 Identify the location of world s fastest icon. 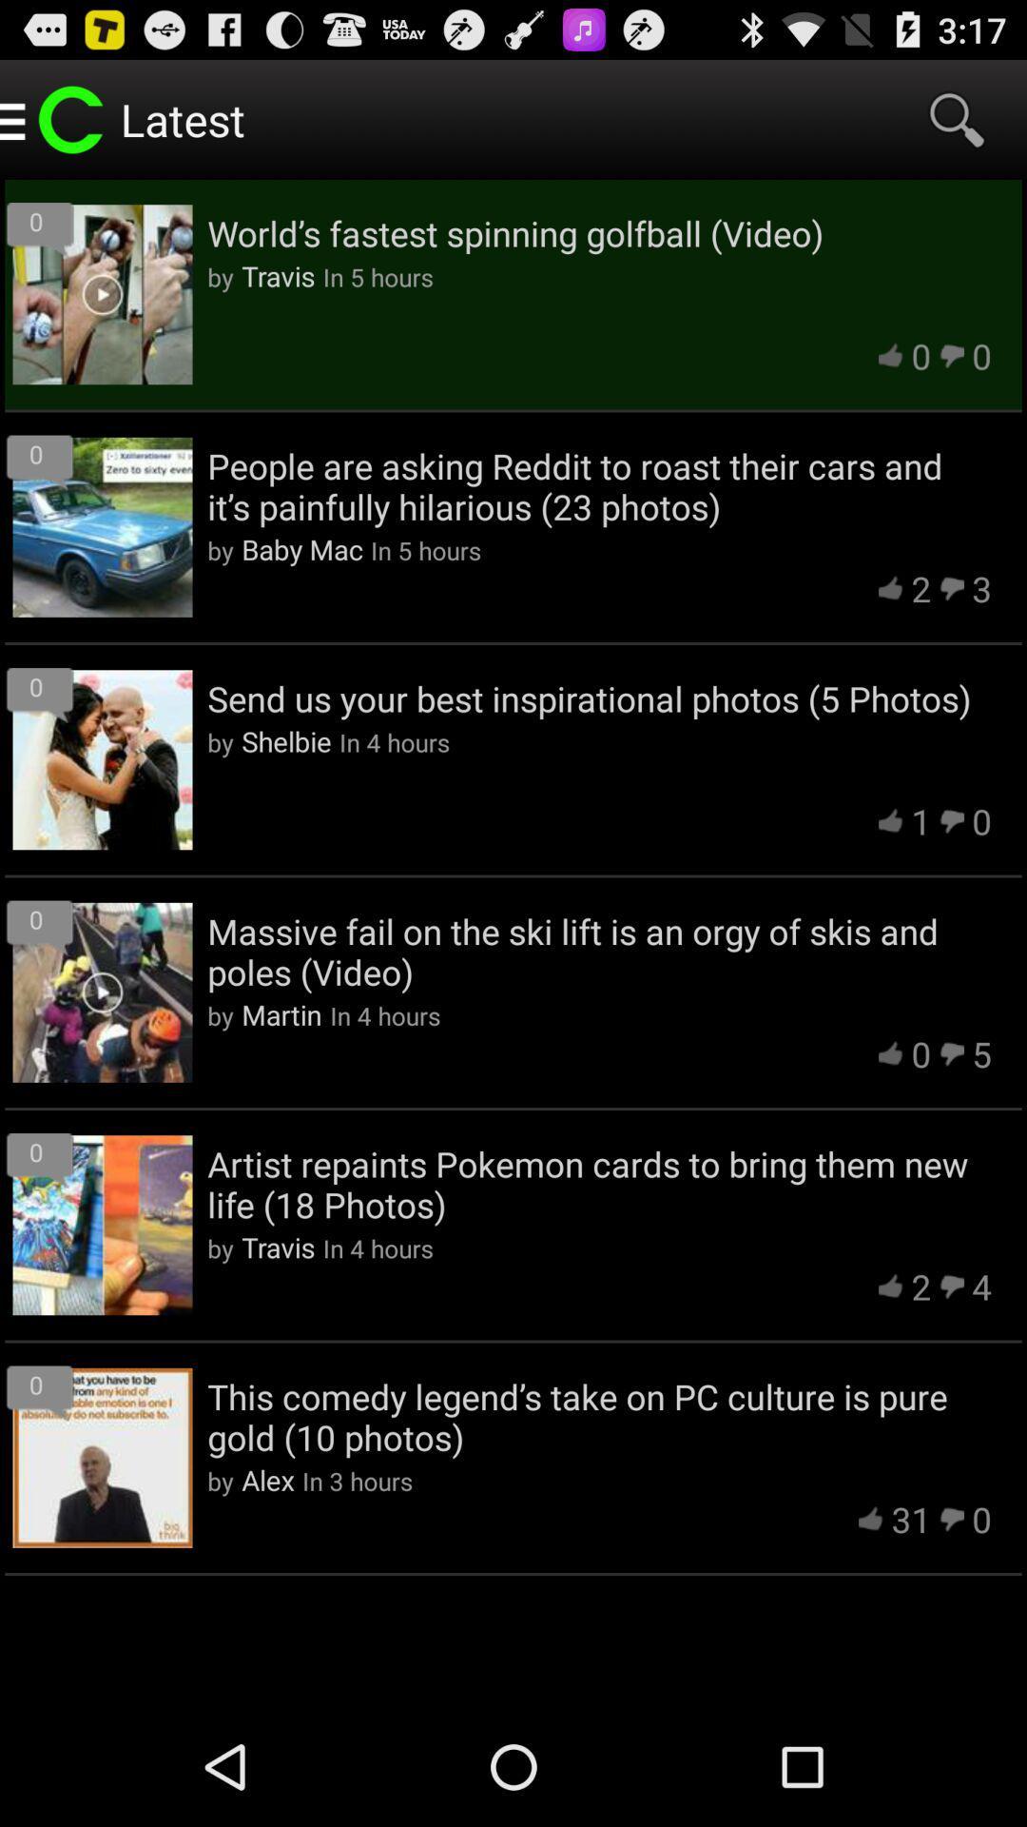
(599, 232).